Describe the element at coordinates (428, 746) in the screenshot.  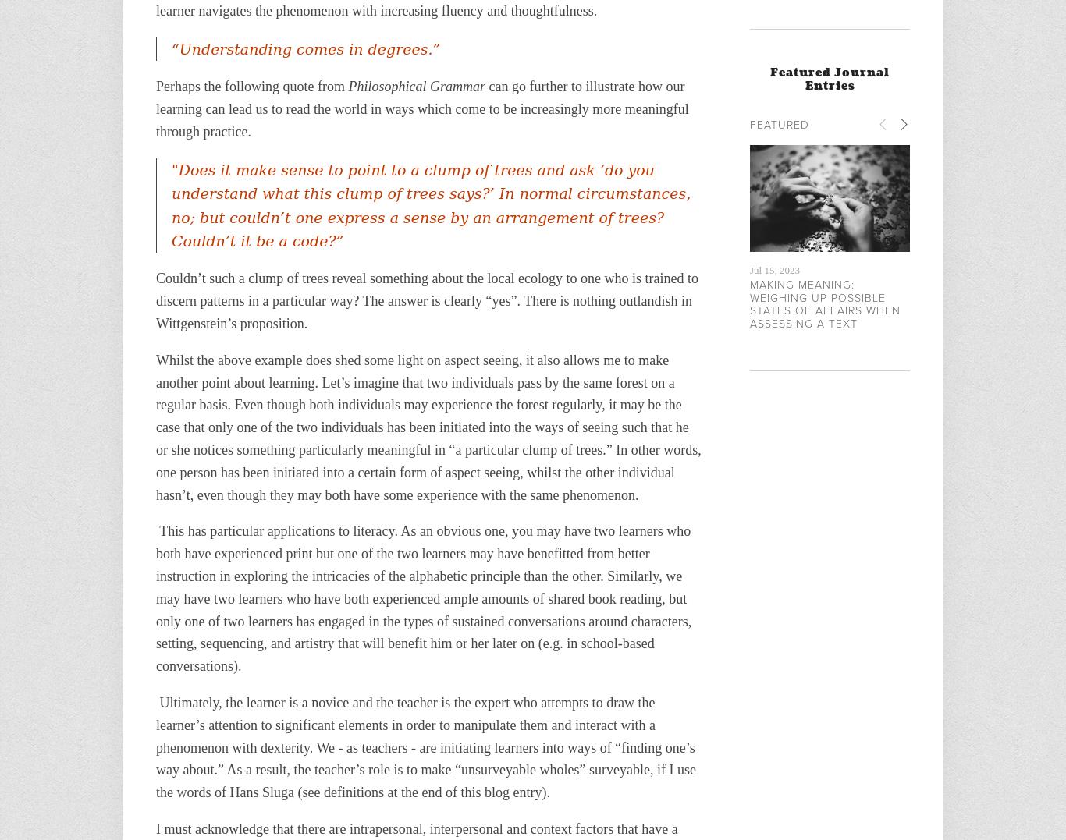
I see `'Ultimately, the learner is a novice and the teacher is the expert who attempts to draw the learner’s attention to significant elements in order to manipulate them and interact with a phenomenon with dexterity. We - as teachers - are initiating learners into ways of “finding one’s way about.” As a result, the teacher’s role is to make “unsurveyable wholes” surveyable, if I use the words of Hans Sluga (see definitions at the end of this blog entry).'` at that location.